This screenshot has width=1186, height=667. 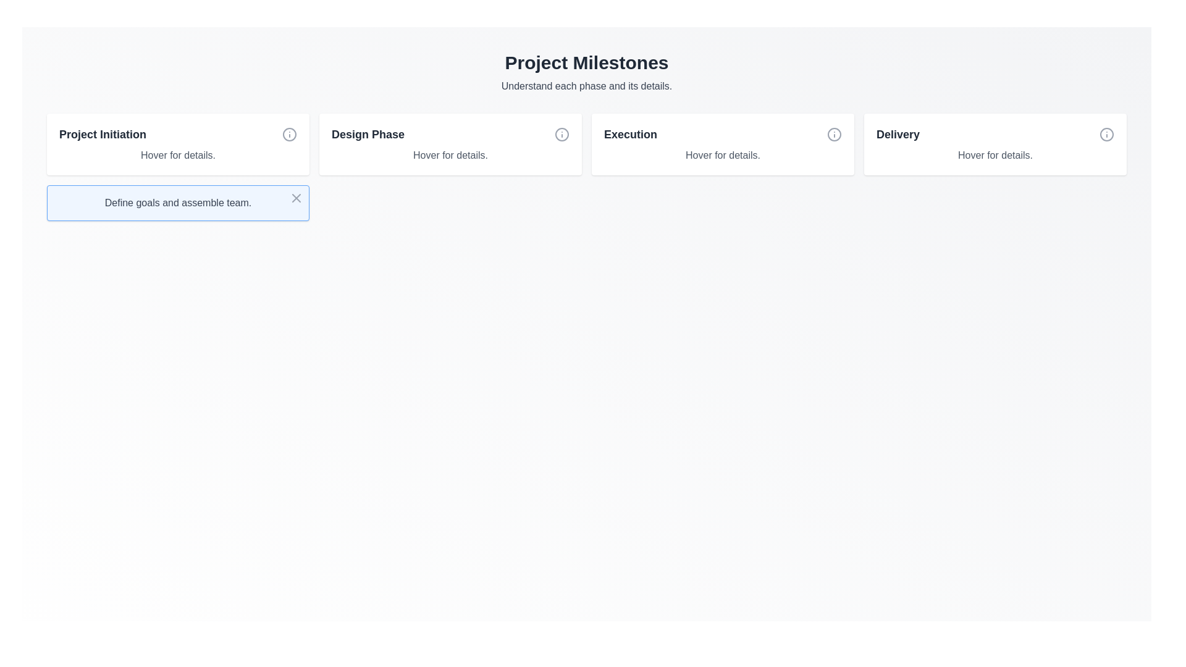 I want to click on the information icon located at the far-right end of the 'Delivery' section, so click(x=1106, y=135).